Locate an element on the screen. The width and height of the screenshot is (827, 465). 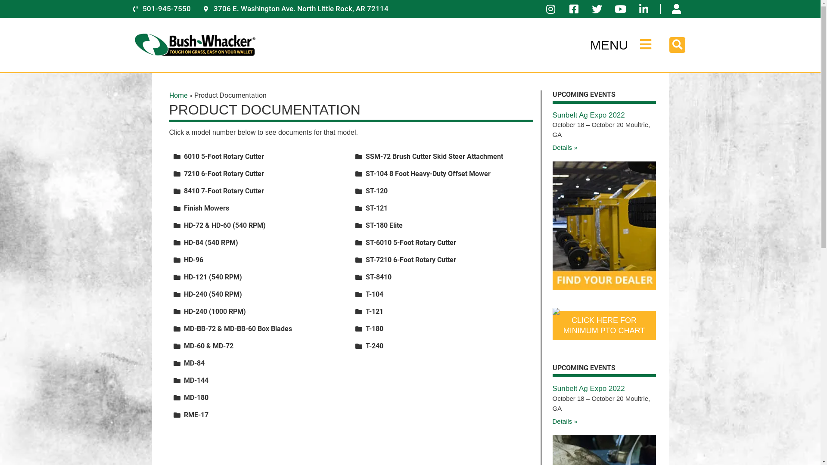
'T-121' is located at coordinates (374, 311).